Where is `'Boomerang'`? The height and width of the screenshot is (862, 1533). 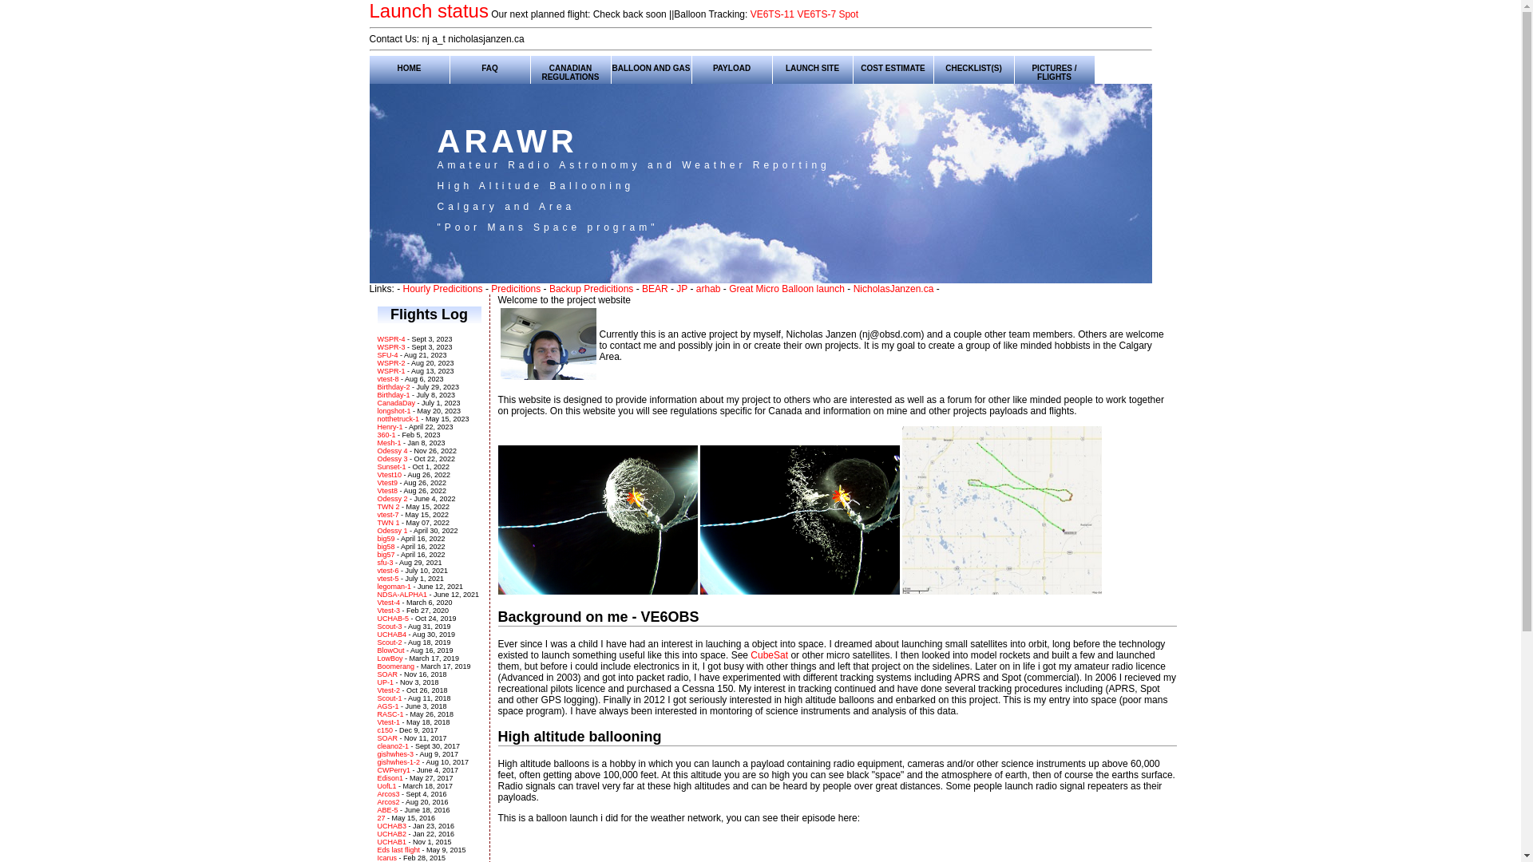
'Boomerang' is located at coordinates (395, 666).